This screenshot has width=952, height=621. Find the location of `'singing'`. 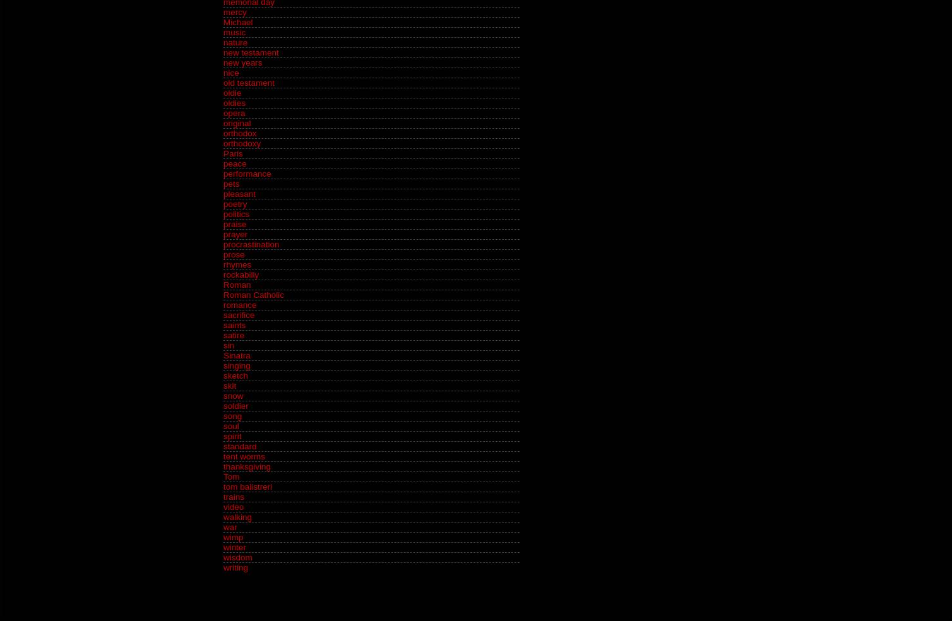

'singing' is located at coordinates (236, 365).